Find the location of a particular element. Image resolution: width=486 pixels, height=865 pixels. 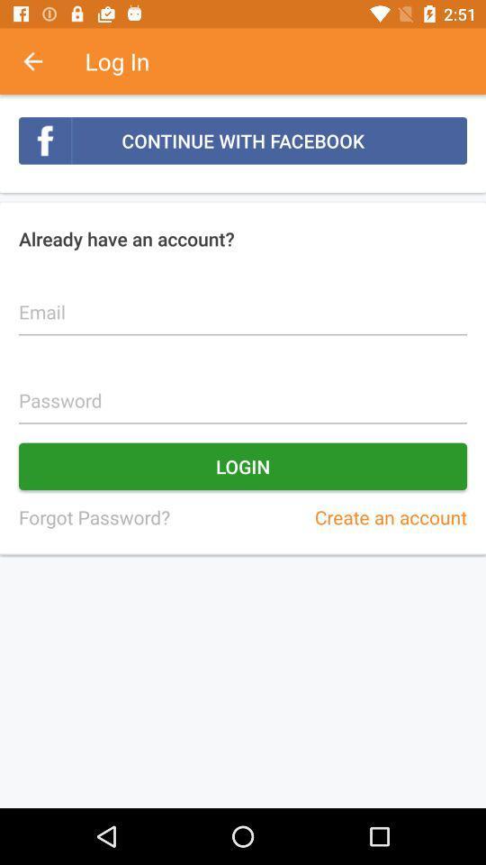

input information is located at coordinates (243, 390).